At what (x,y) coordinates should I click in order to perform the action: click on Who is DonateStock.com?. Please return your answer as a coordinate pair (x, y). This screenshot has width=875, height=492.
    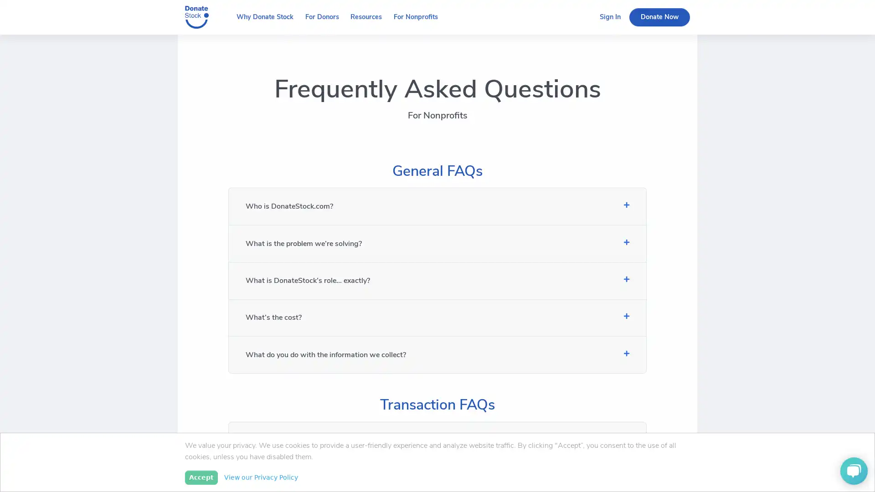
    Looking at the image, I should click on (437, 206).